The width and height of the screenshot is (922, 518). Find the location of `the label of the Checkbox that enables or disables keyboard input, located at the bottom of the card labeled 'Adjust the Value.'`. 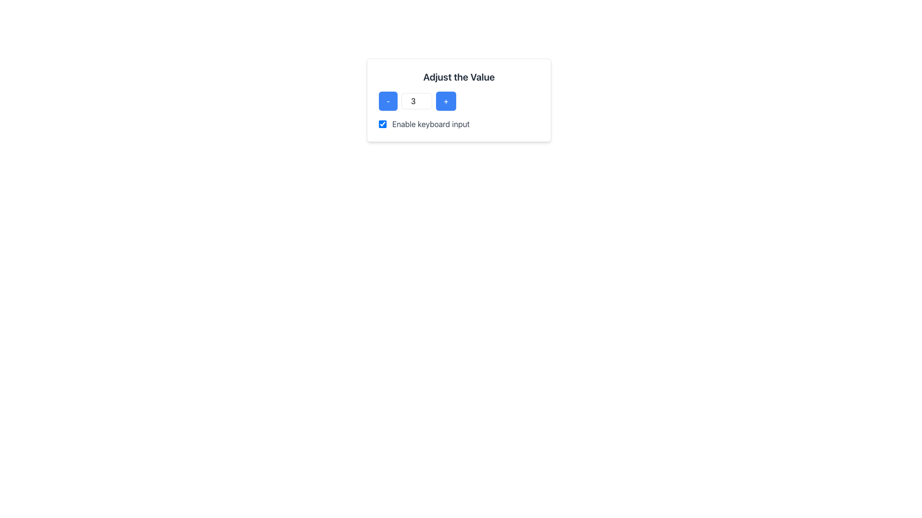

the label of the Checkbox that enables or disables keyboard input, located at the bottom of the card labeled 'Adjust the Value.' is located at coordinates (458, 123).